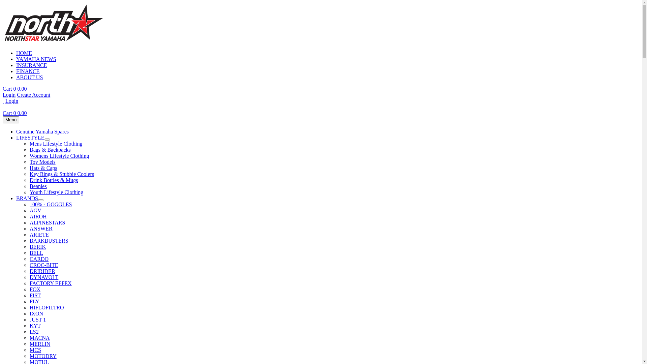  Describe the element at coordinates (14, 113) in the screenshot. I see `'Cart 0 0.00'` at that location.